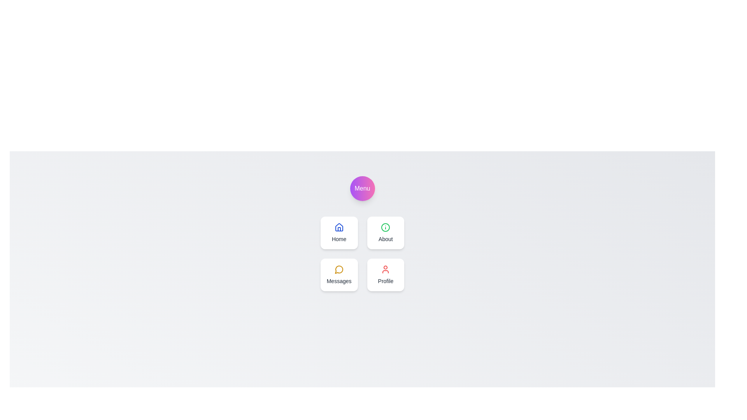 This screenshot has height=420, width=747. Describe the element at coordinates (339, 232) in the screenshot. I see `the 'Home' navigation item` at that location.